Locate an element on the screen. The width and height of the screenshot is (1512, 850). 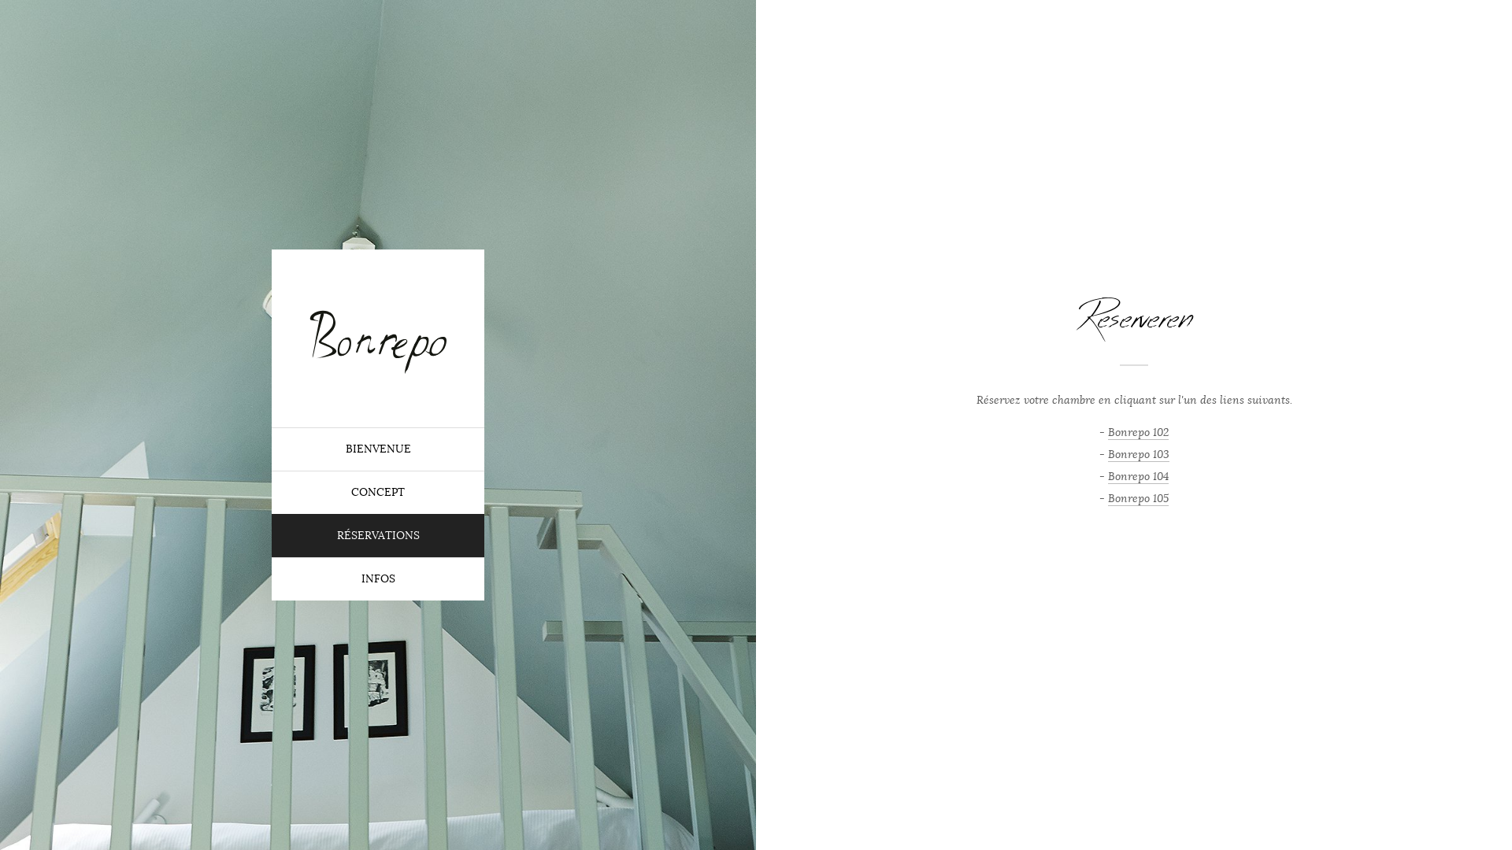
'CONCEPT' is located at coordinates (378, 491).